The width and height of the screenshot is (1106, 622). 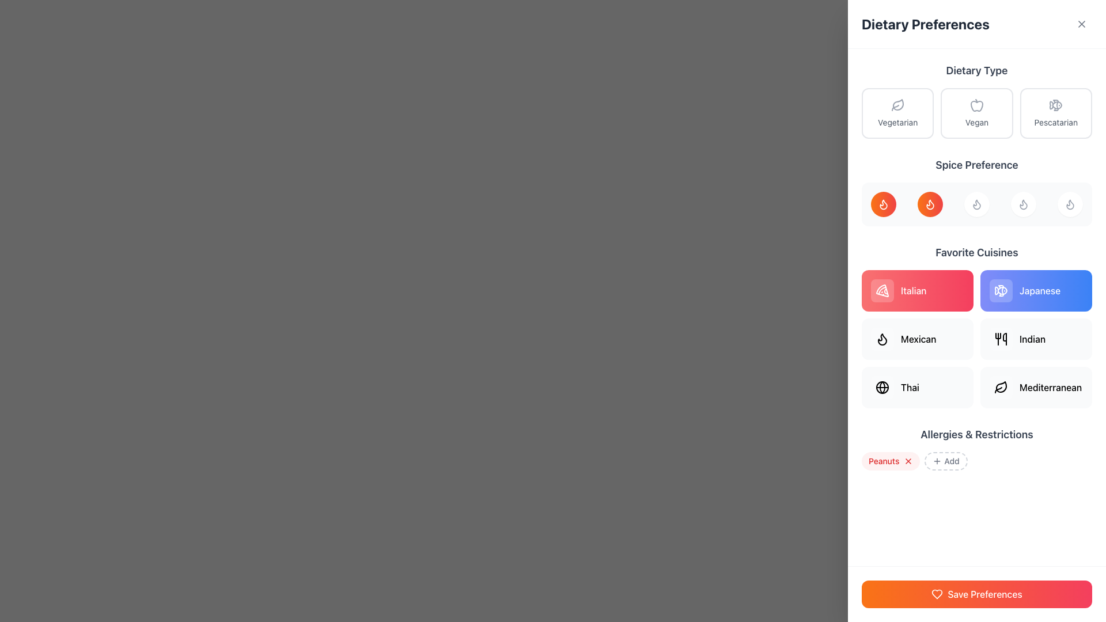 What do you see at coordinates (1081, 24) in the screenshot?
I see `the close or cancel icon located in the top right corner of the 'Dietary Preferences' panel` at bounding box center [1081, 24].